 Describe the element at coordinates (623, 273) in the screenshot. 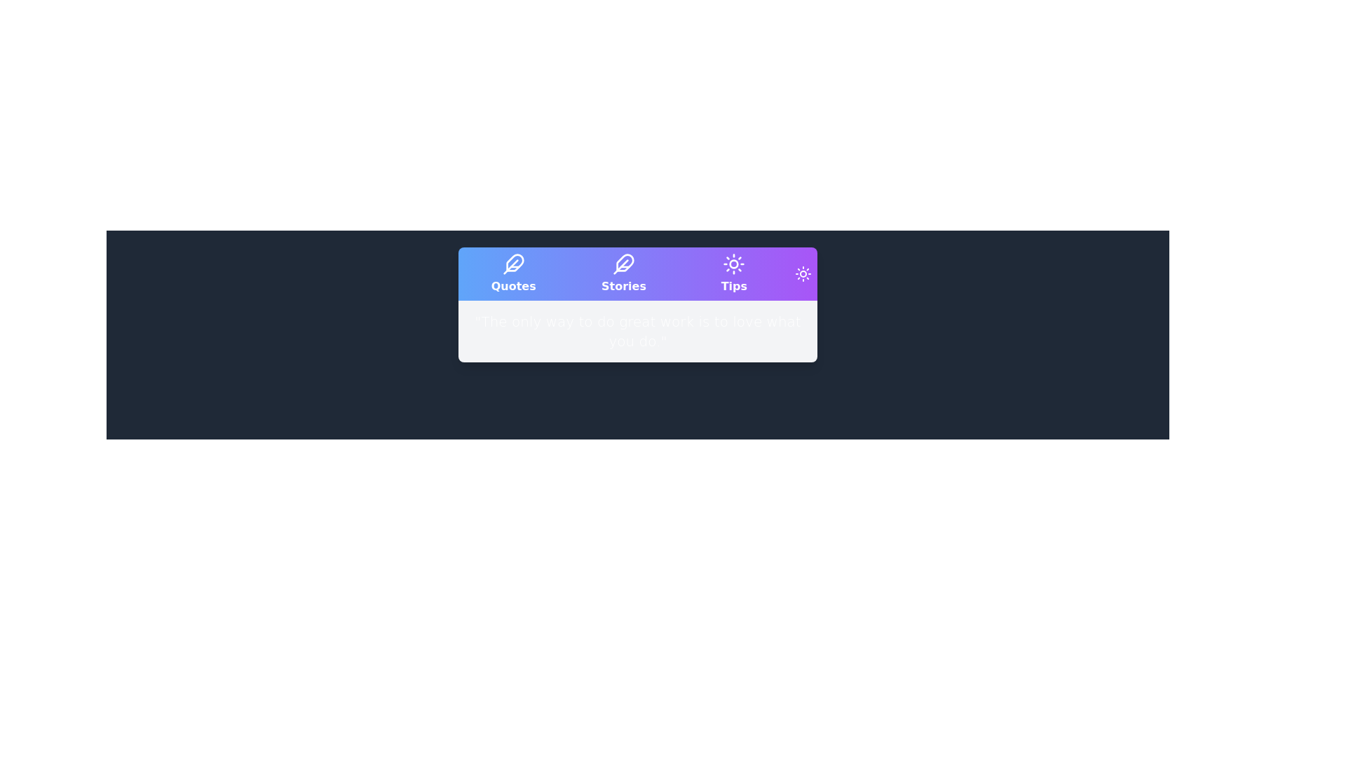

I see `the Stories tab to view its content` at that location.